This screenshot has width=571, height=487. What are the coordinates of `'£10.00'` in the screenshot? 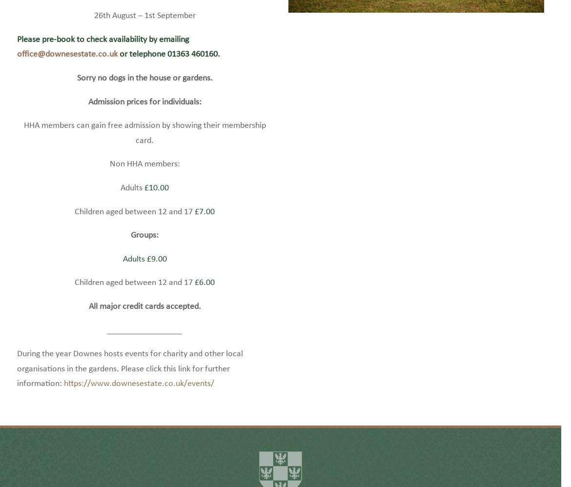 It's located at (156, 202).